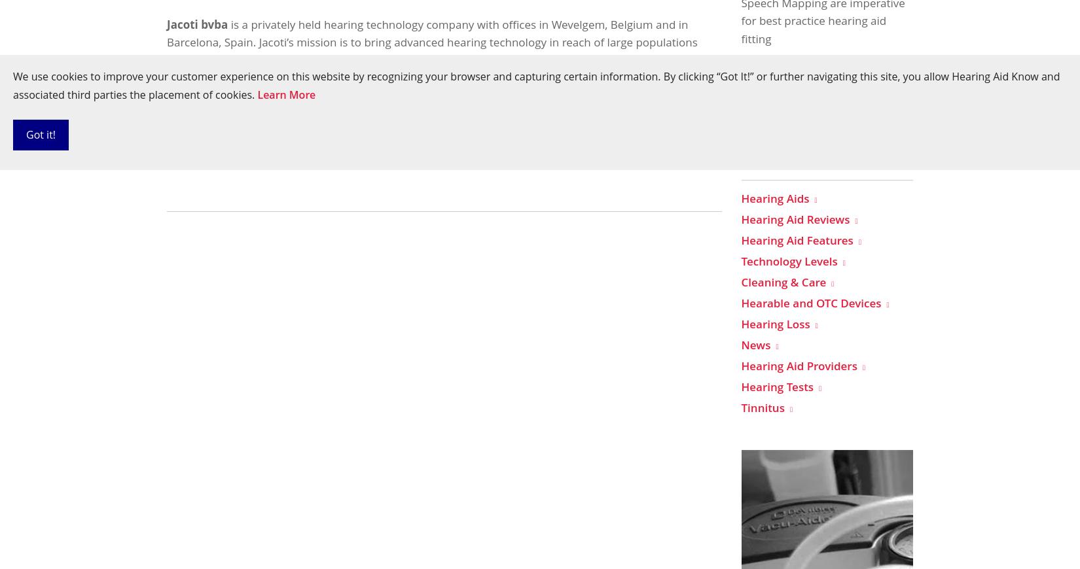 This screenshot has width=1080, height=569. I want to click on 'Hearable and OTC Devices', so click(741, 302).